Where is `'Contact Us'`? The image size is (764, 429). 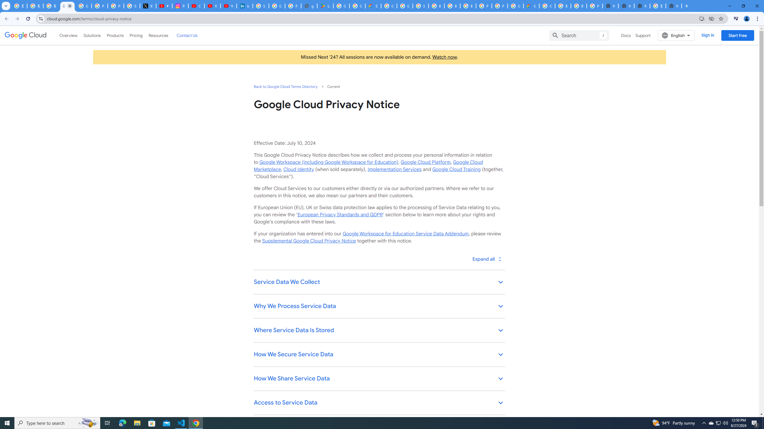 'Contact Us' is located at coordinates (186, 35).